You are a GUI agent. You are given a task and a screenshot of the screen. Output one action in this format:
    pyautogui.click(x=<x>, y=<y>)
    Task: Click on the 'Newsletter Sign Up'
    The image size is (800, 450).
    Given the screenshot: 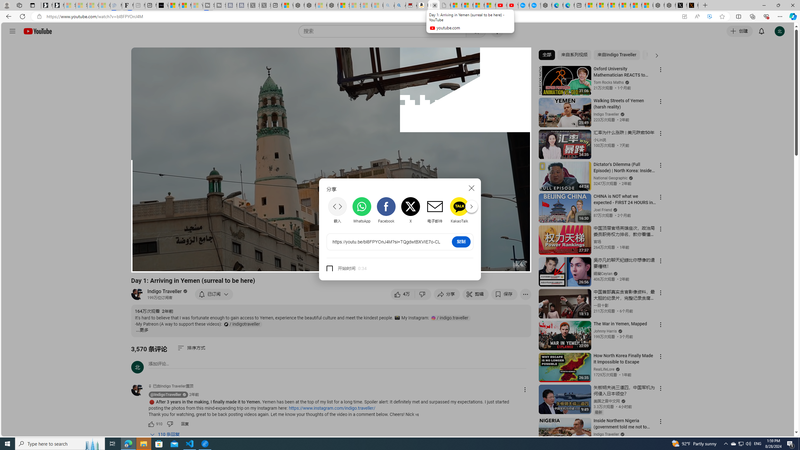 What is the action you would take?
    pyautogui.click(x=58, y=5)
    